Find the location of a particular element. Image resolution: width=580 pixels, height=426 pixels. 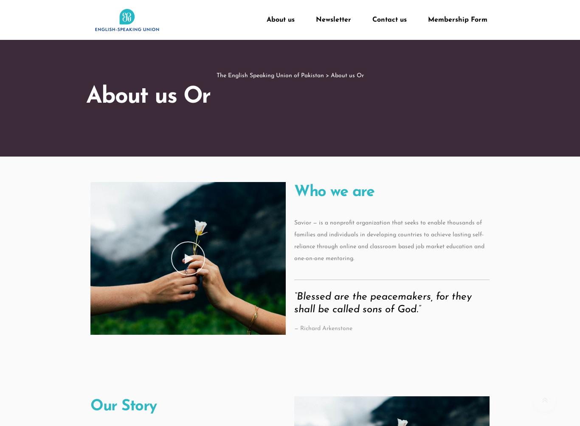

'NCEC Members' is located at coordinates (302, 50).